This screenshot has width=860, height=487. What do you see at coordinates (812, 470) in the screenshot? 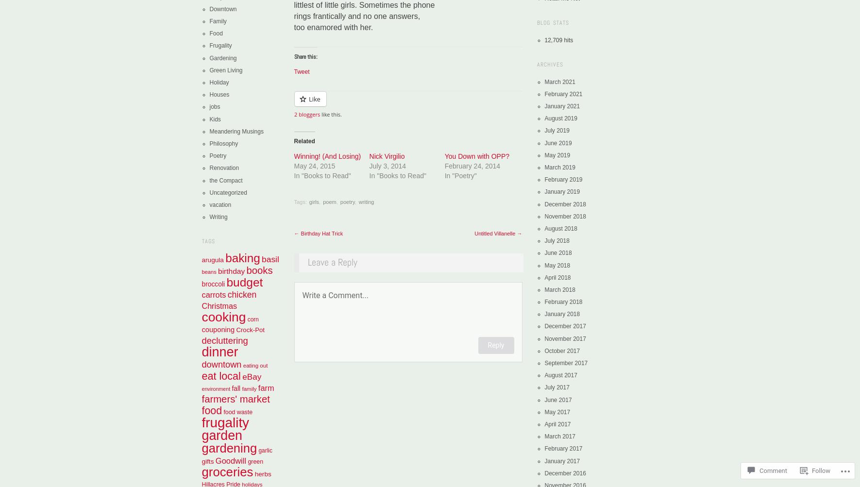
I see `'Follow'` at bounding box center [812, 470].